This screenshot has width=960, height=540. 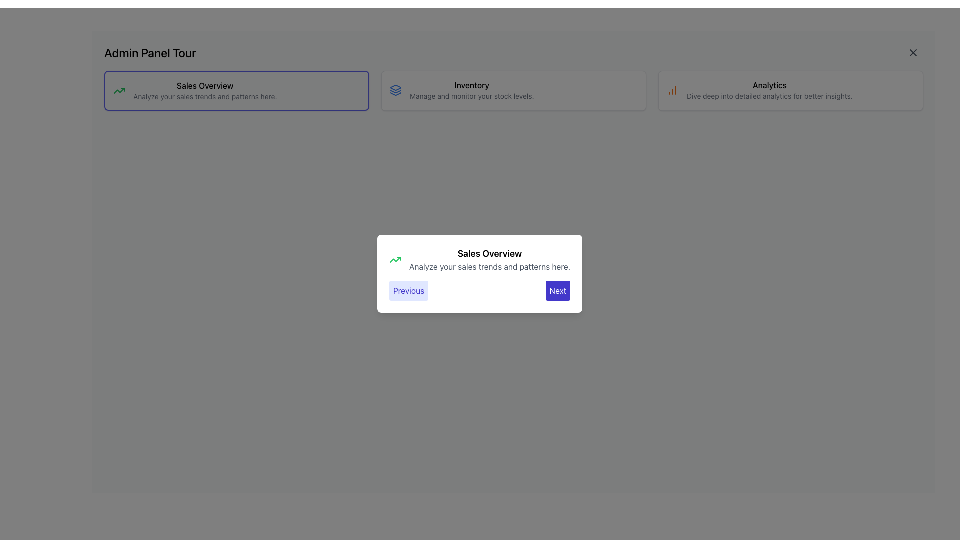 What do you see at coordinates (471, 96) in the screenshot?
I see `the descriptive text label located in the middle card below the 'Inventory' text, which provides guidance related to the Inventory section` at bounding box center [471, 96].